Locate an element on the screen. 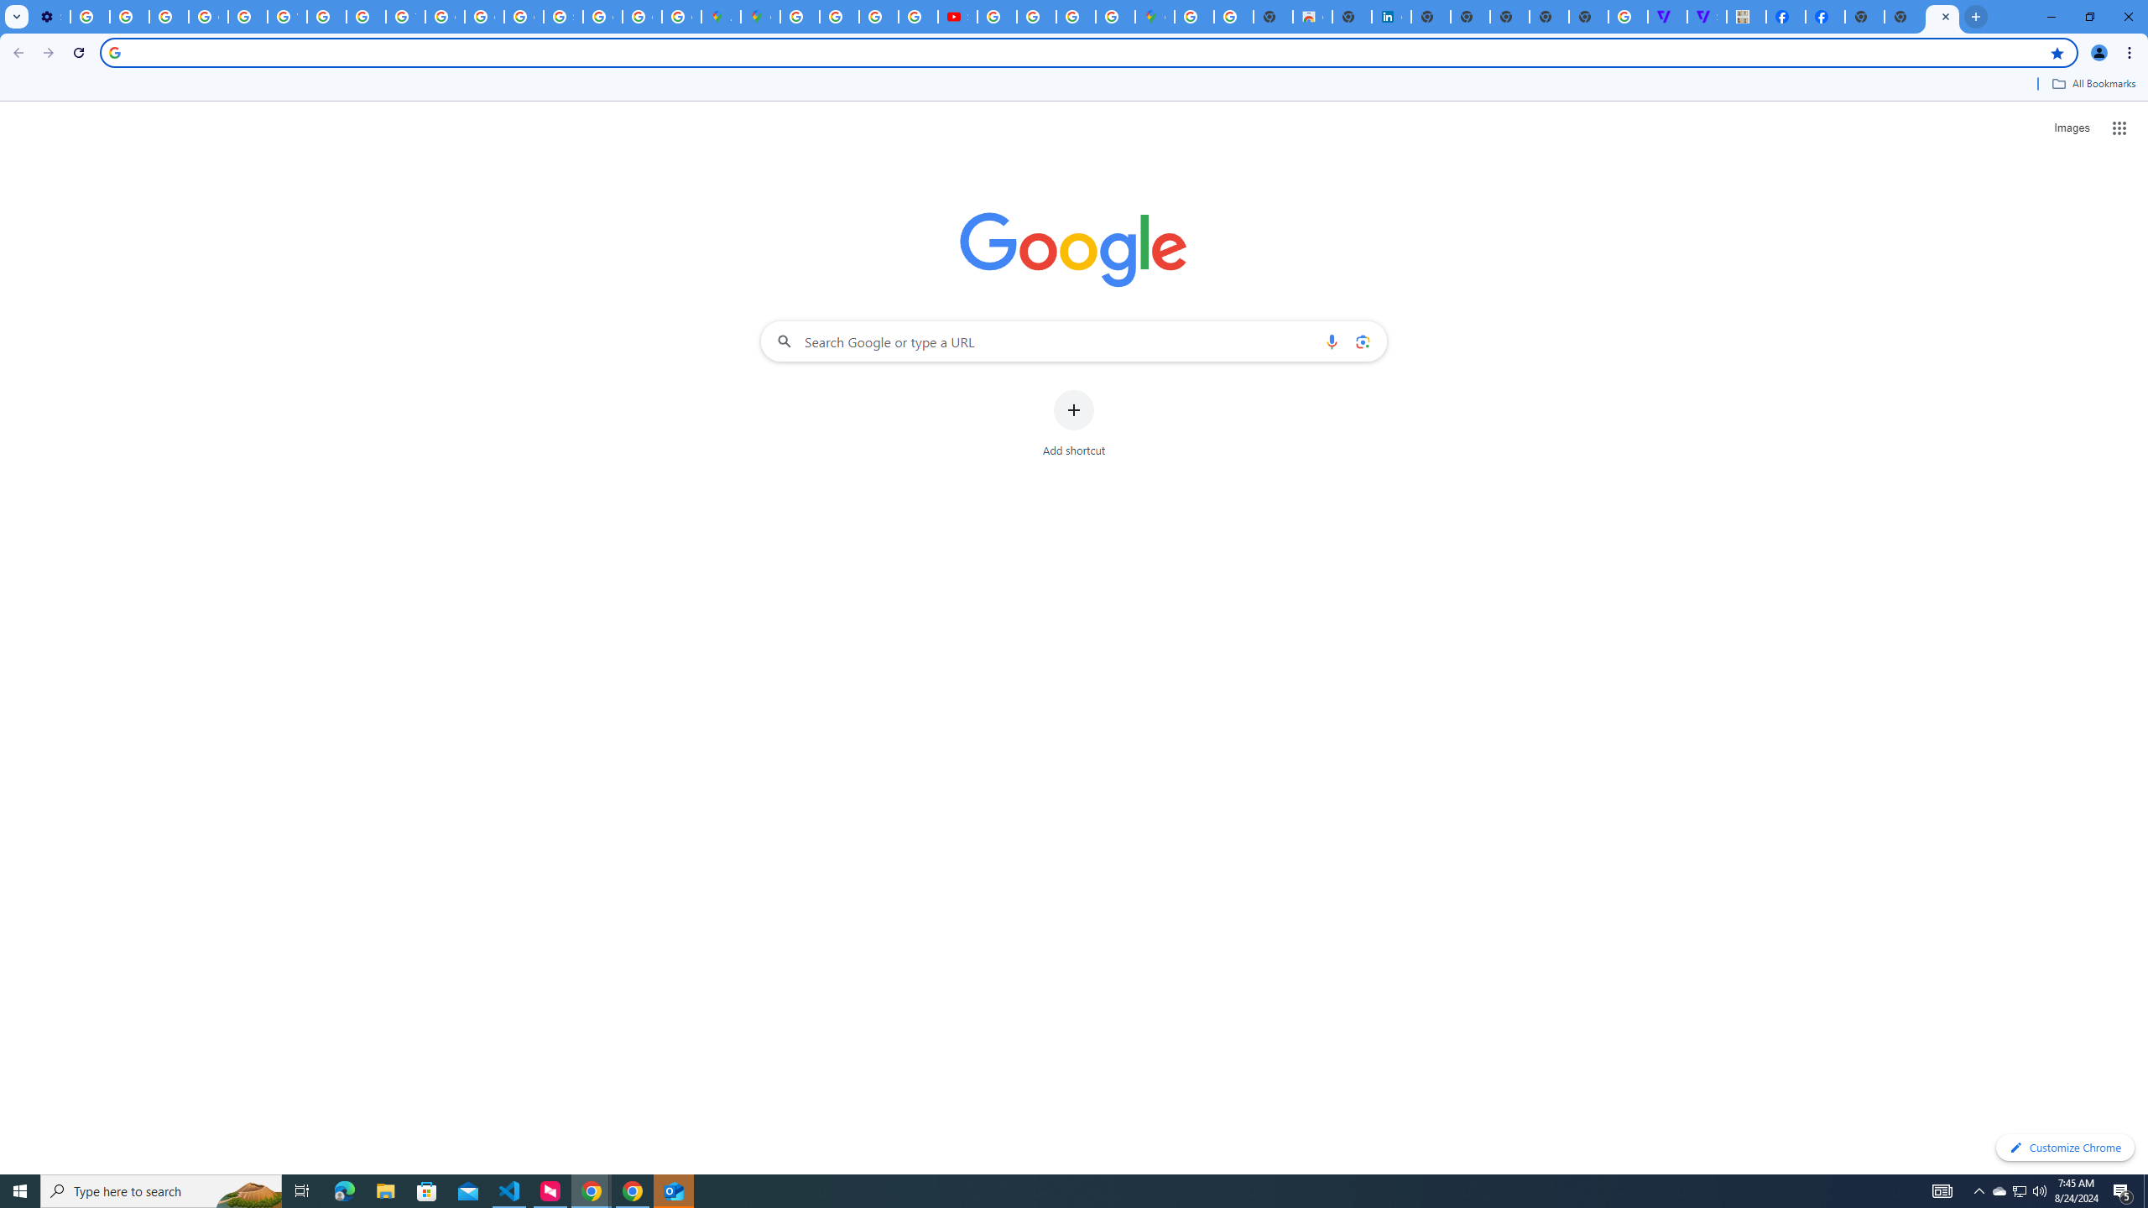  'Subscriptions - YouTube' is located at coordinates (957, 16).